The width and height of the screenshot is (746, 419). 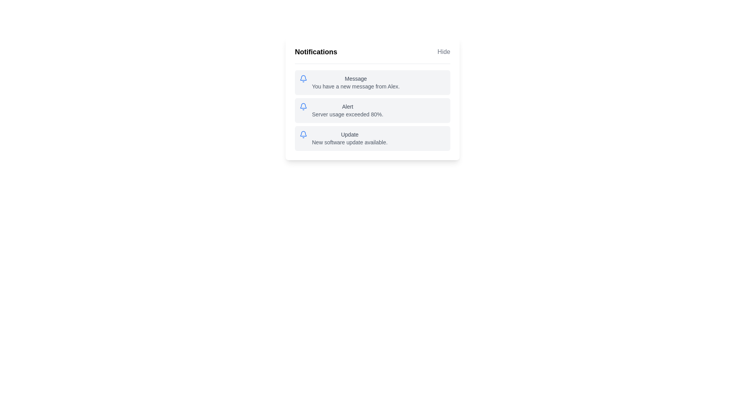 What do you see at coordinates (372, 111) in the screenshot?
I see `the 'Alert' keyword in the second notification card that informs about server usage exceeding 80%` at bounding box center [372, 111].